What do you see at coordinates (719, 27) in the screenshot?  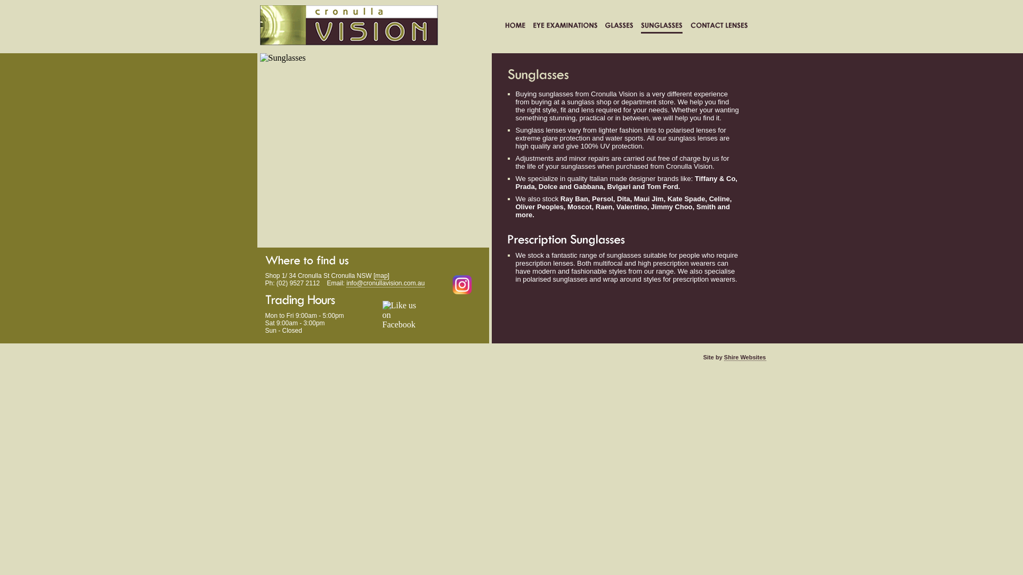 I see `'Contact Lenses'` at bounding box center [719, 27].